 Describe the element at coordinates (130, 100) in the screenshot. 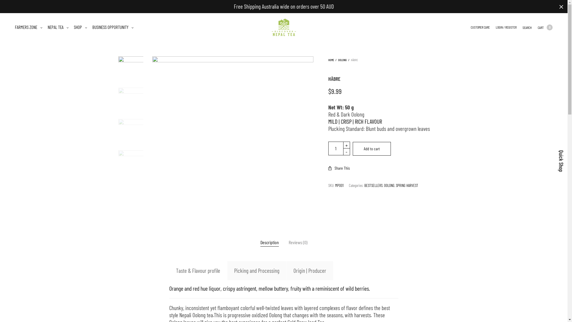

I see `'darkooloong_liquor_nepaltea'` at that location.